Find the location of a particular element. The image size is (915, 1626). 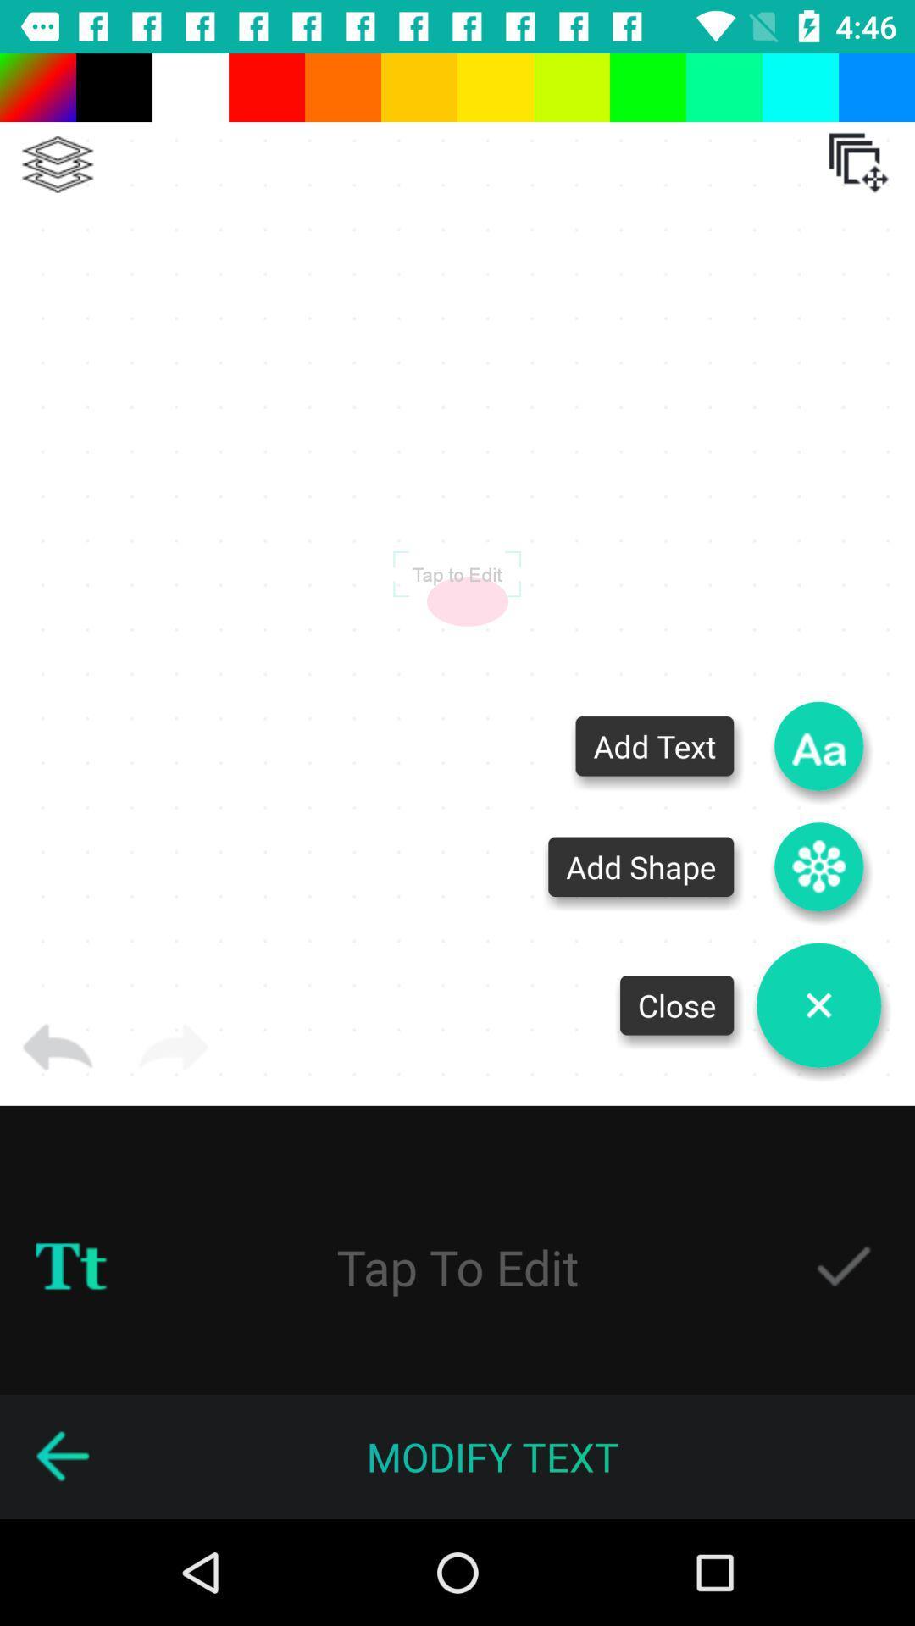

the arrow_backward icon is located at coordinates (61, 1456).